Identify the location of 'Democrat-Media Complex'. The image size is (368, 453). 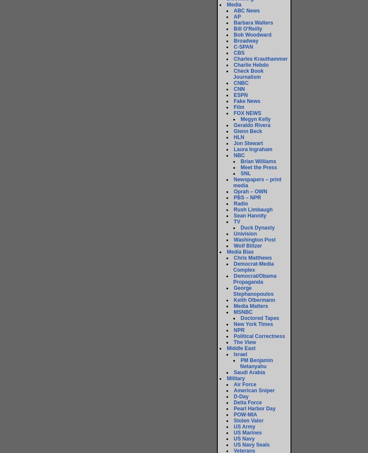
(253, 267).